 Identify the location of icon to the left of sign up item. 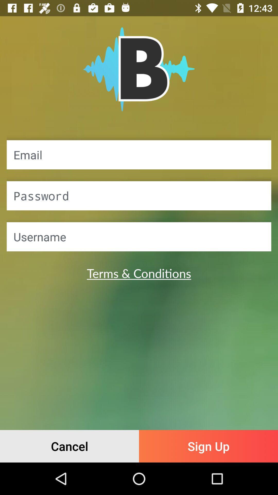
(69, 446).